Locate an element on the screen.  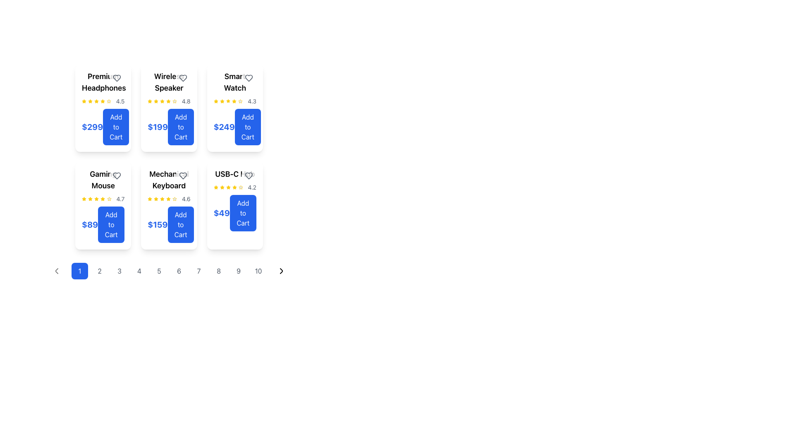
the 'Add to Cart' button, which is a vibrant blue rectangular button with rounded corners located beneath the price display in the top-left card of the grid layout is located at coordinates (115, 127).